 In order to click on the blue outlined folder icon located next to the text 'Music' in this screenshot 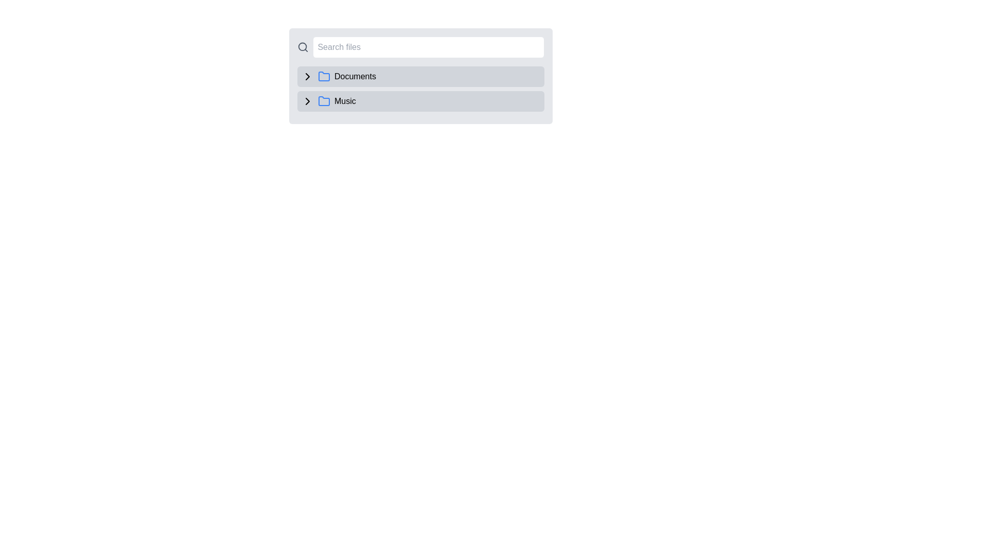, I will do `click(323, 101)`.